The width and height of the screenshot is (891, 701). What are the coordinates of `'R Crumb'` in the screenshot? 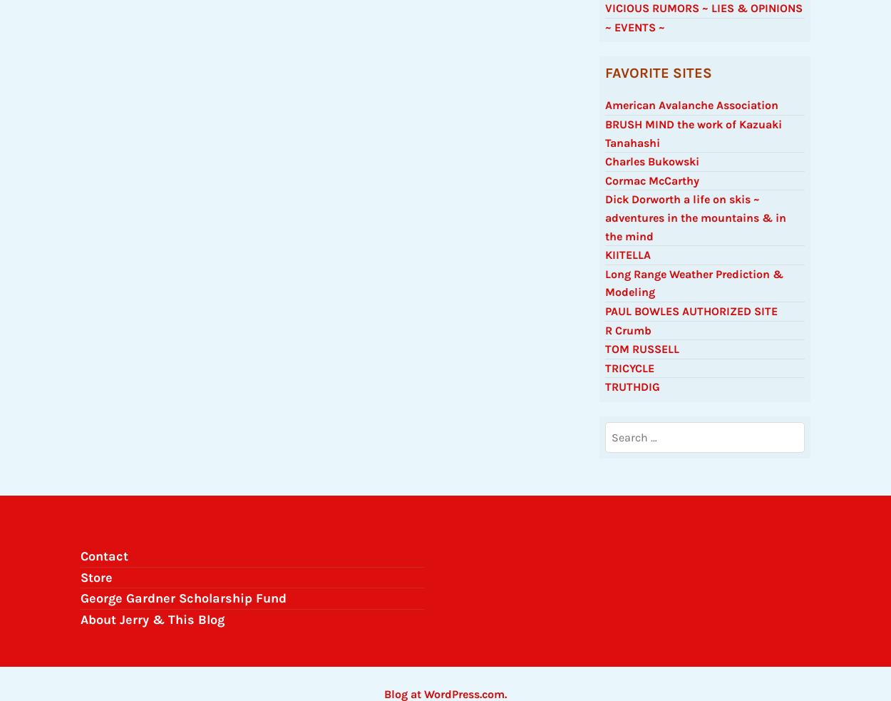 It's located at (628, 336).